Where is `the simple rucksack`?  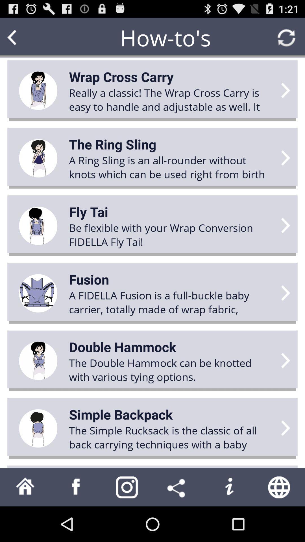
the simple rucksack is located at coordinates (171, 437).